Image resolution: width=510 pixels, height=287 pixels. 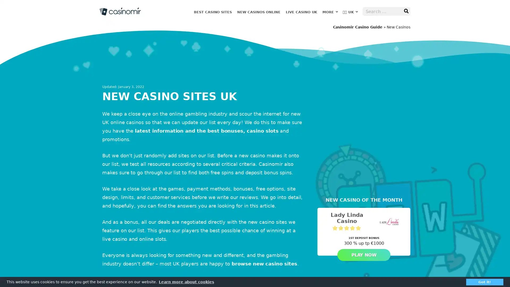 What do you see at coordinates (406, 11) in the screenshot?
I see `Search` at bounding box center [406, 11].